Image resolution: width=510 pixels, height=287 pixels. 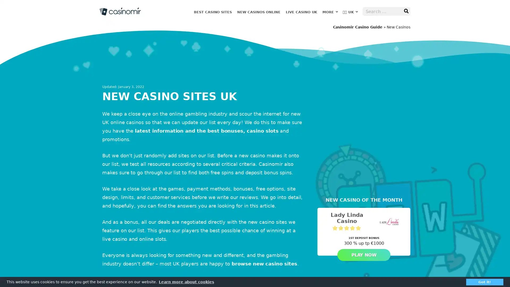 What do you see at coordinates (406, 11) in the screenshot?
I see `Search` at bounding box center [406, 11].